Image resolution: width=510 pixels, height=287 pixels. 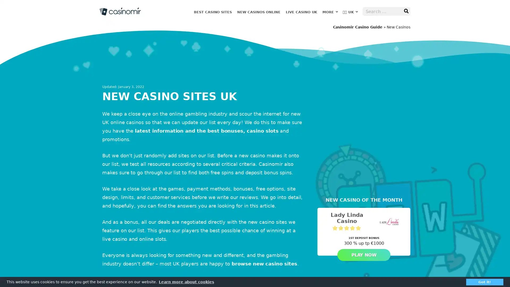 What do you see at coordinates (406, 11) in the screenshot?
I see `Search` at bounding box center [406, 11].